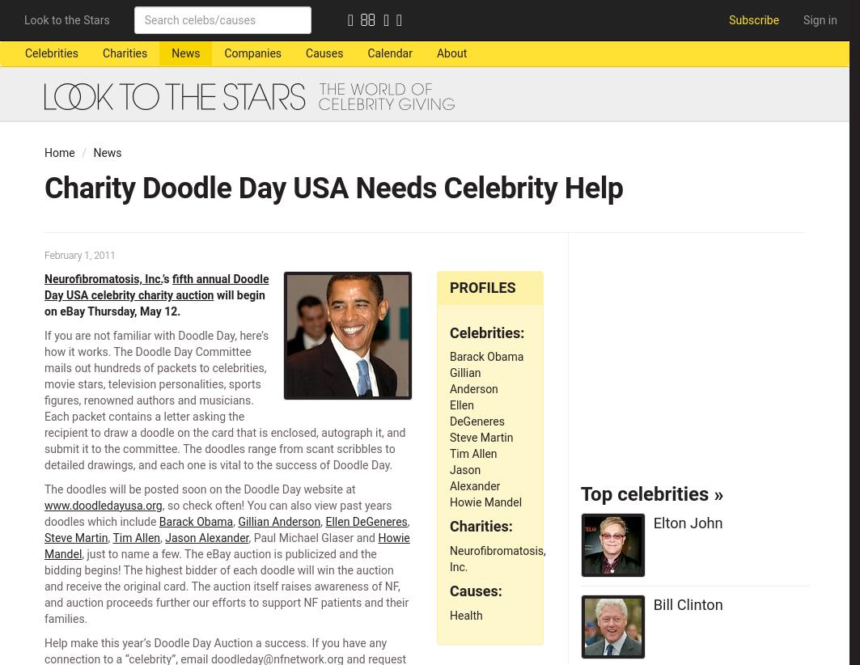 The height and width of the screenshot is (665, 860). I want to click on 'Bill Clinton', so click(686, 603).